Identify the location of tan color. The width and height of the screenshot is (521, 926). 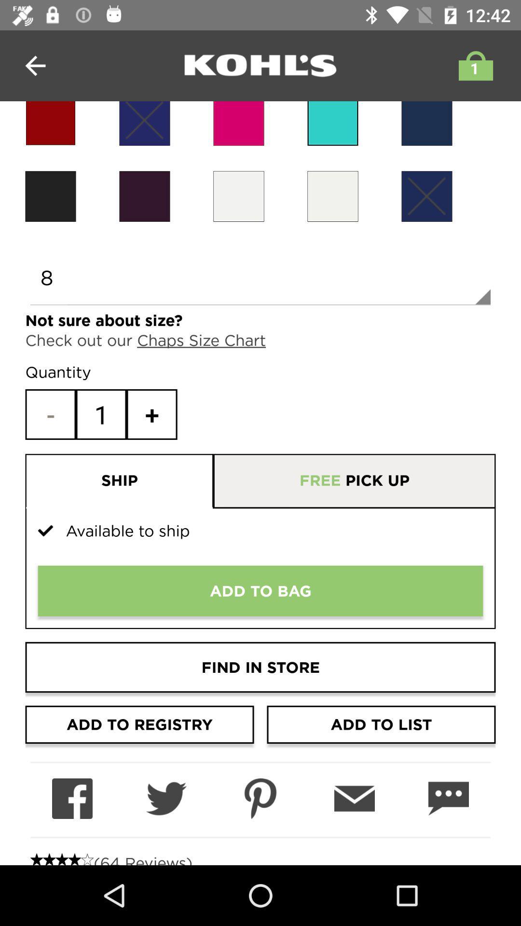
(238, 196).